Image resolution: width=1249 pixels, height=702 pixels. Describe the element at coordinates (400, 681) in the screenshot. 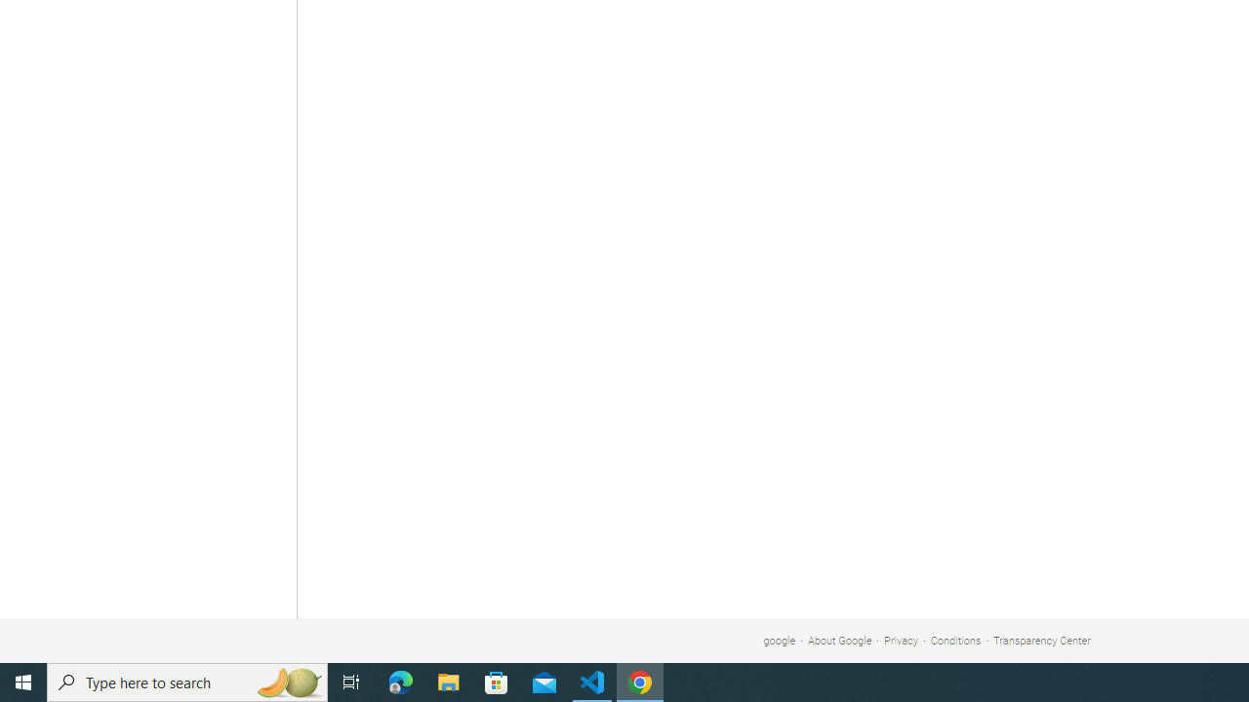

I see `'Microsoft Edge'` at that location.